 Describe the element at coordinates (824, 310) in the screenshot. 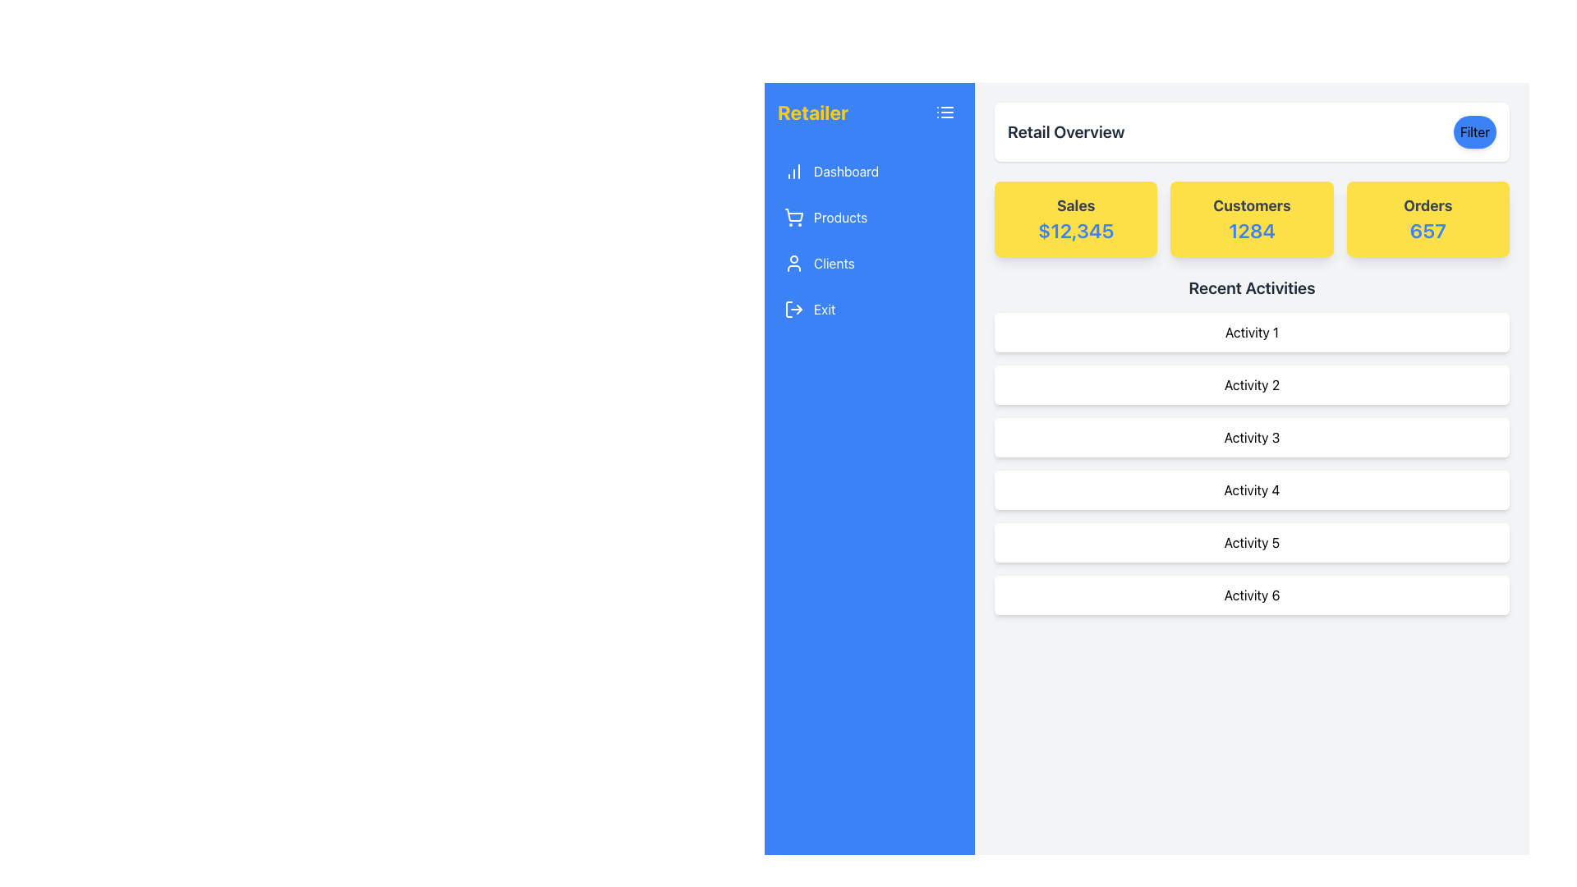

I see `the blue 'Exit' button located in the vertical side navigation bar, which is the last item in the menu list` at that location.